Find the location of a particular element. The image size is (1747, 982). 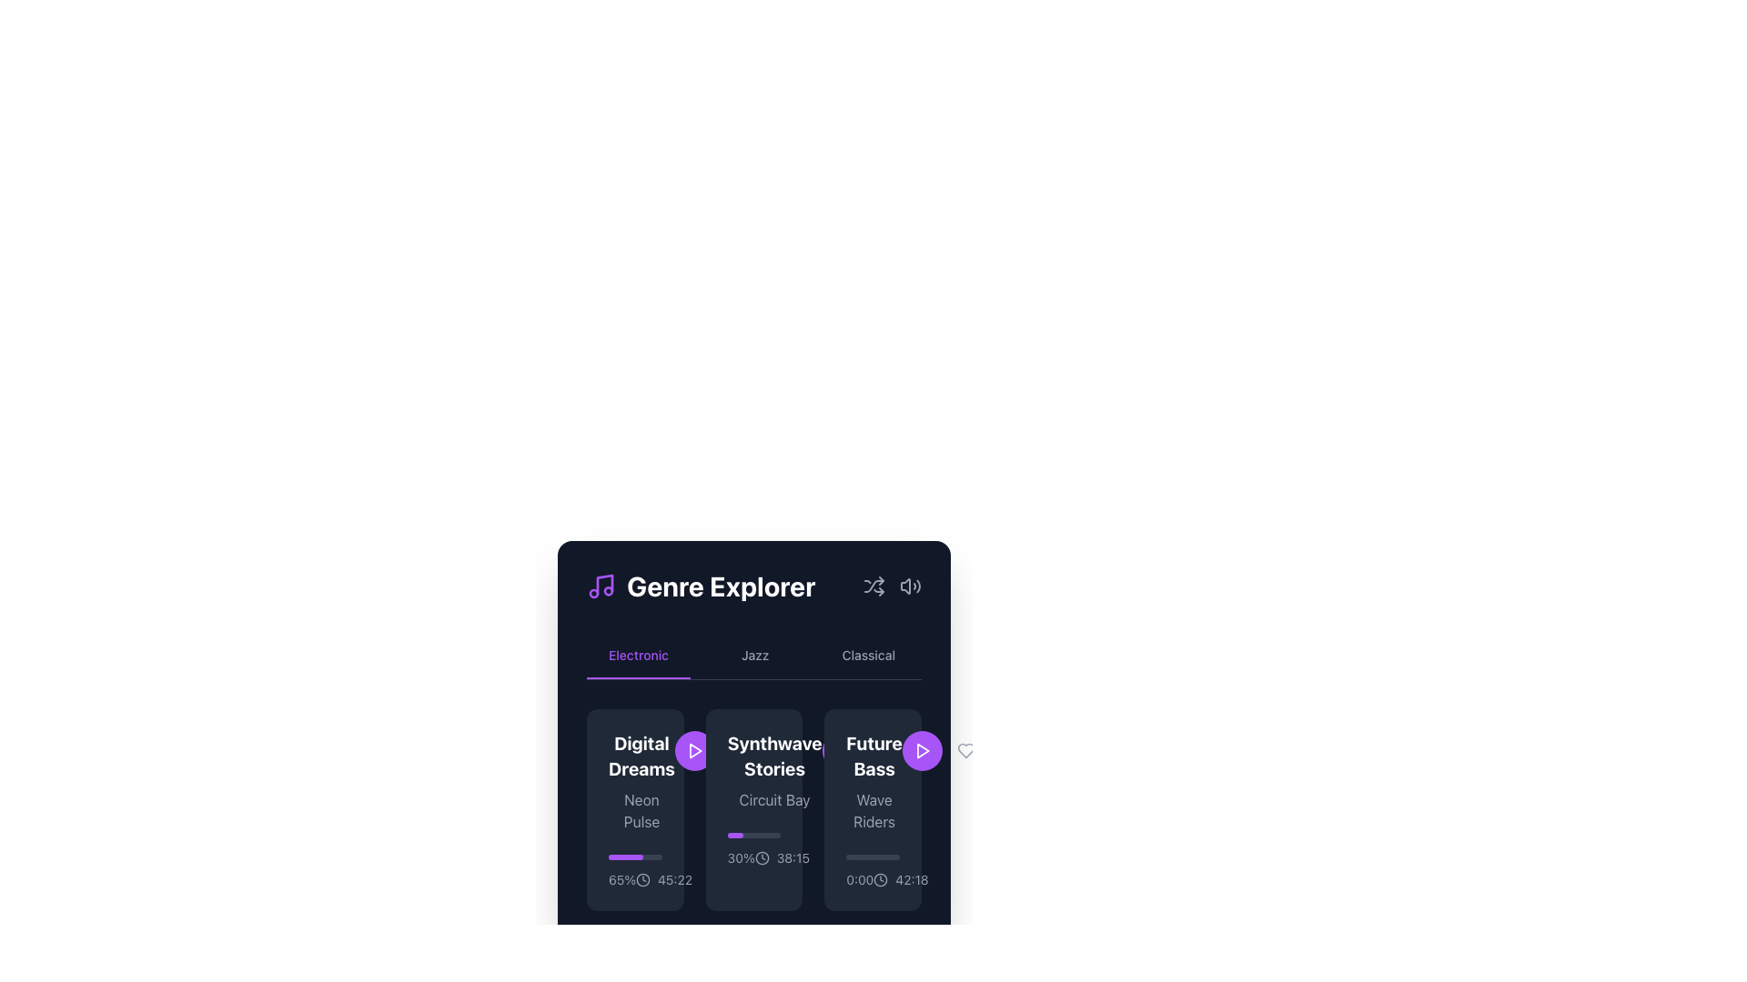

the genre tab button to switch the view is located at coordinates (755, 656).